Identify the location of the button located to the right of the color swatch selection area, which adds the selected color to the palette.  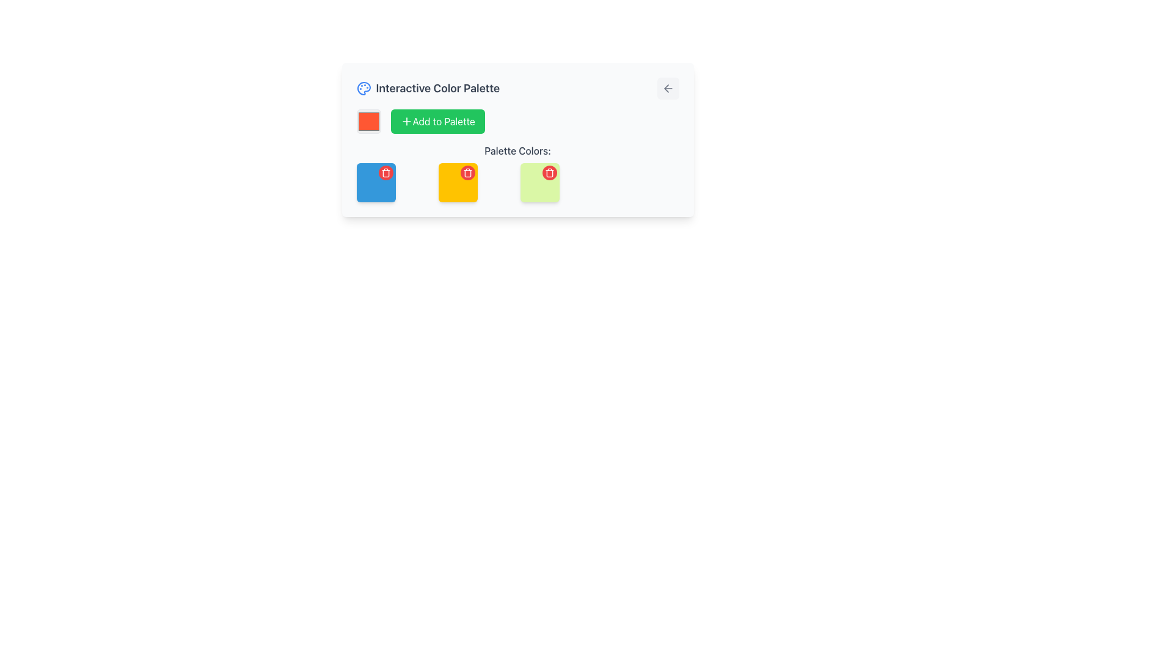
(437, 122).